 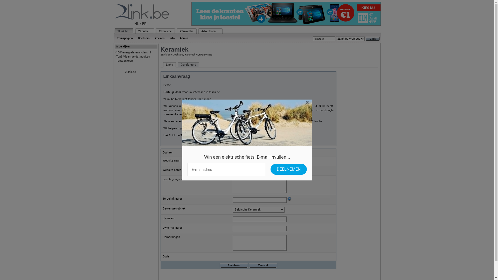 I want to click on '2News.be', so click(x=165, y=31).